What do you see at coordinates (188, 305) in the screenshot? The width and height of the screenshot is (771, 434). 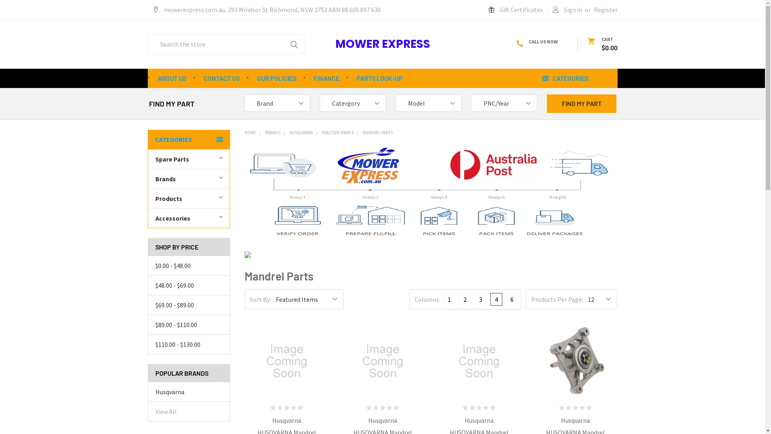 I see `'$69.00 - $89.00'` at bounding box center [188, 305].